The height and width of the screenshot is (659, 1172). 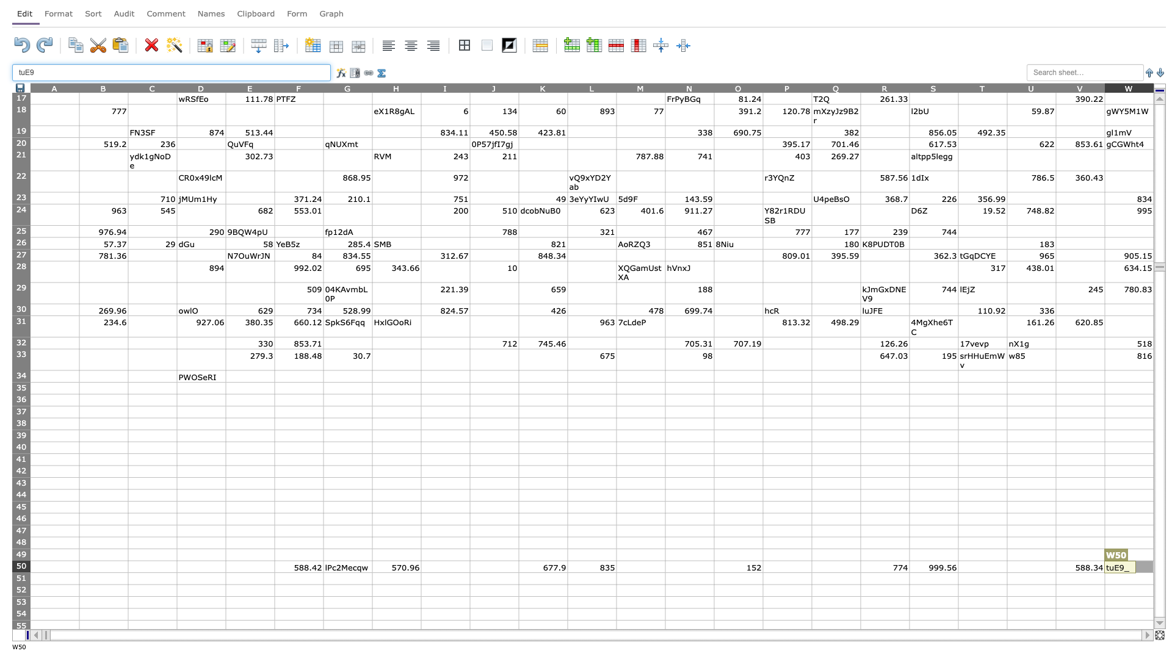 I want to click on top left corner of cell B51, so click(x=78, y=572).